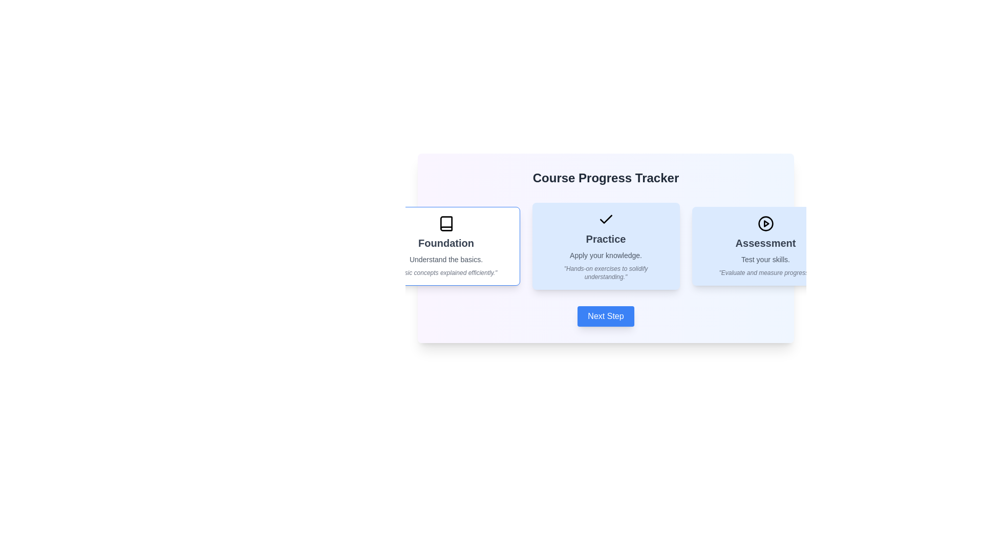  What do you see at coordinates (606, 239) in the screenshot?
I see `the text label displaying the word 'Practice' which is centrally located in its card, styled in bold gray font against a blue background` at bounding box center [606, 239].